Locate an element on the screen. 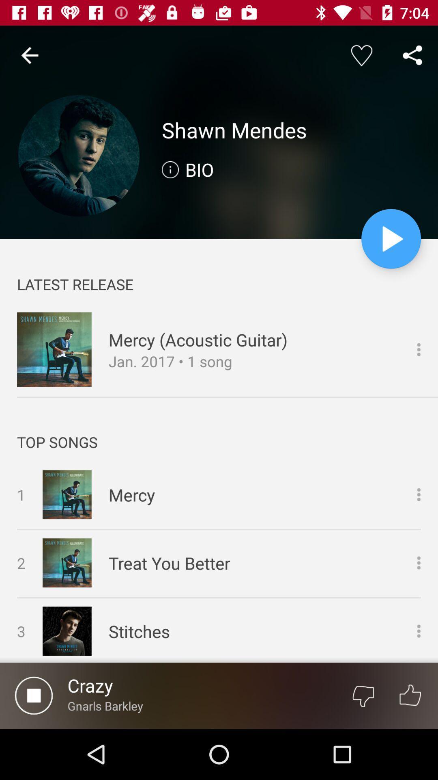 This screenshot has width=438, height=780. the image which is left to mercy is located at coordinates (67, 494).